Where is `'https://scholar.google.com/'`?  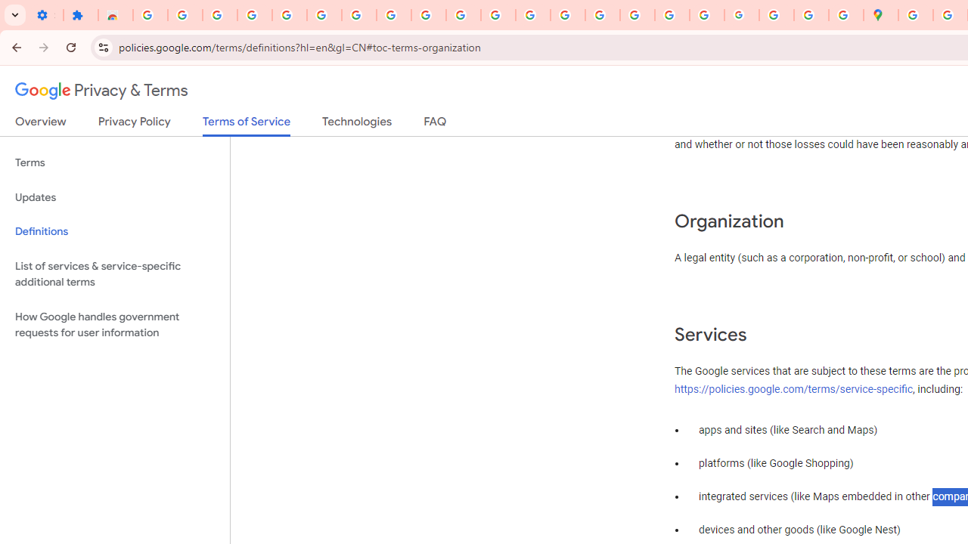
'https://scholar.google.com/' is located at coordinates (533, 15).